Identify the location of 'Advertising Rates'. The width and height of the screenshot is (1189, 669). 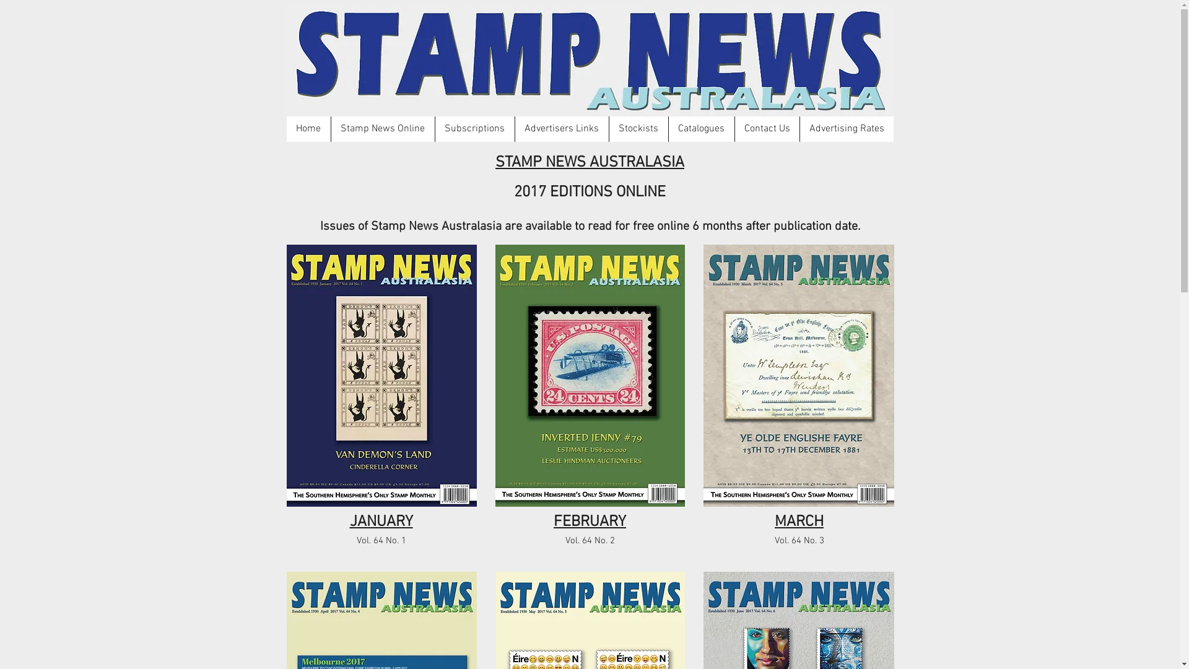
(799, 129).